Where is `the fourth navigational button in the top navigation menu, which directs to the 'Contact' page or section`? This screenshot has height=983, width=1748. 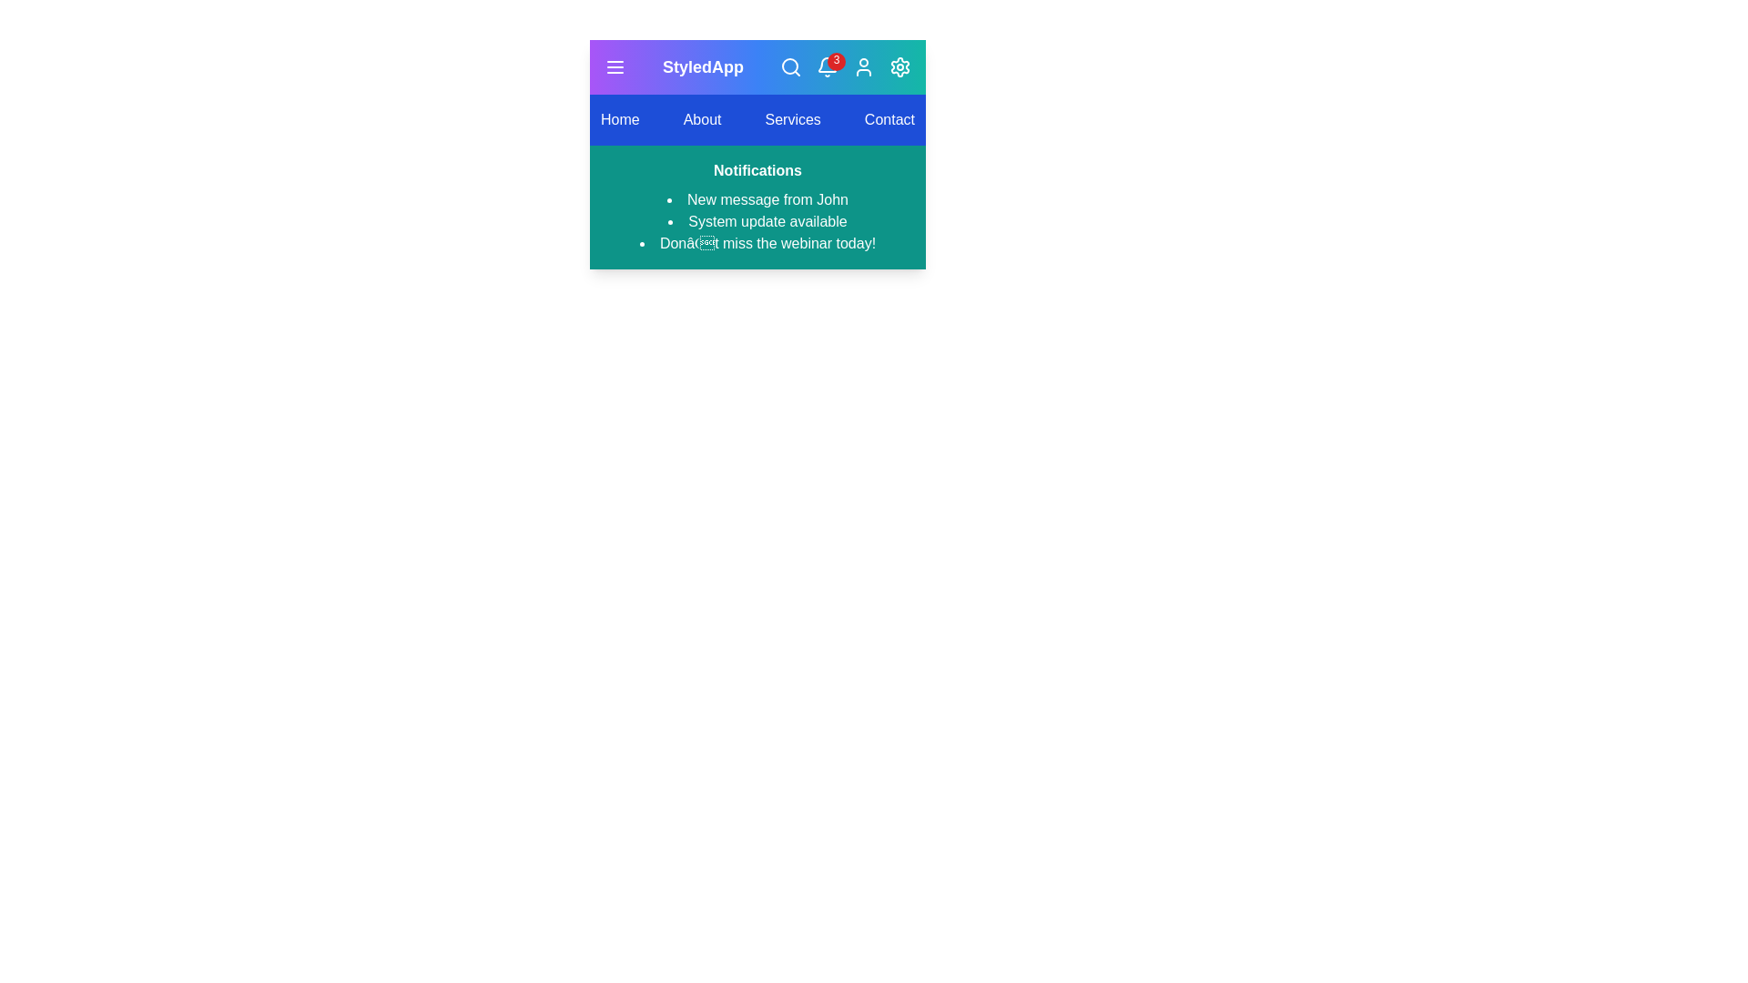 the fourth navigational button in the top navigation menu, which directs to the 'Contact' page or section is located at coordinates (889, 119).